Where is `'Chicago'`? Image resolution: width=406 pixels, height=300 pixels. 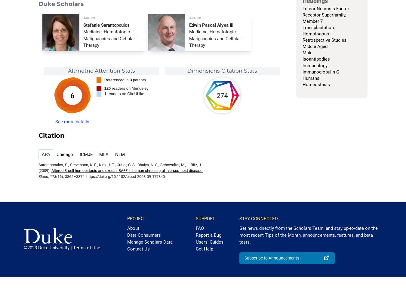
'Chicago' is located at coordinates (65, 154).